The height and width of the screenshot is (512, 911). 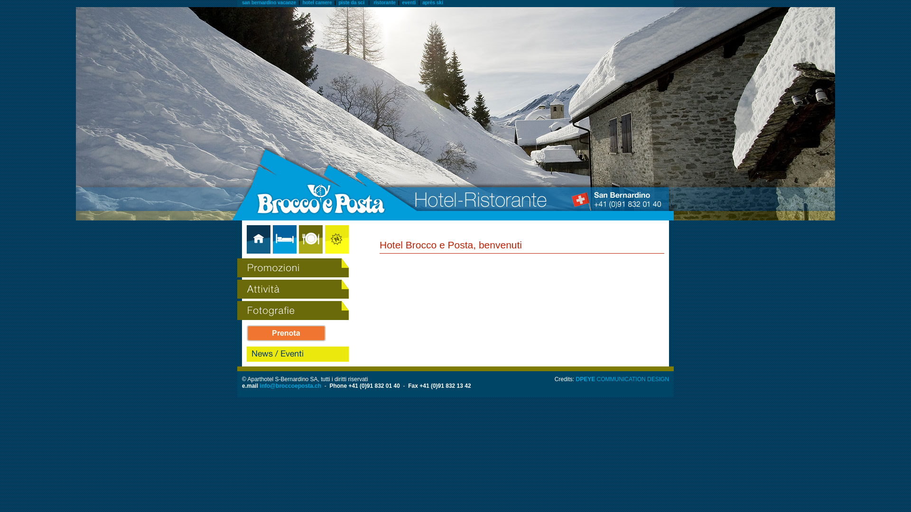 I want to click on 'piste da sci', so click(x=350, y=2).